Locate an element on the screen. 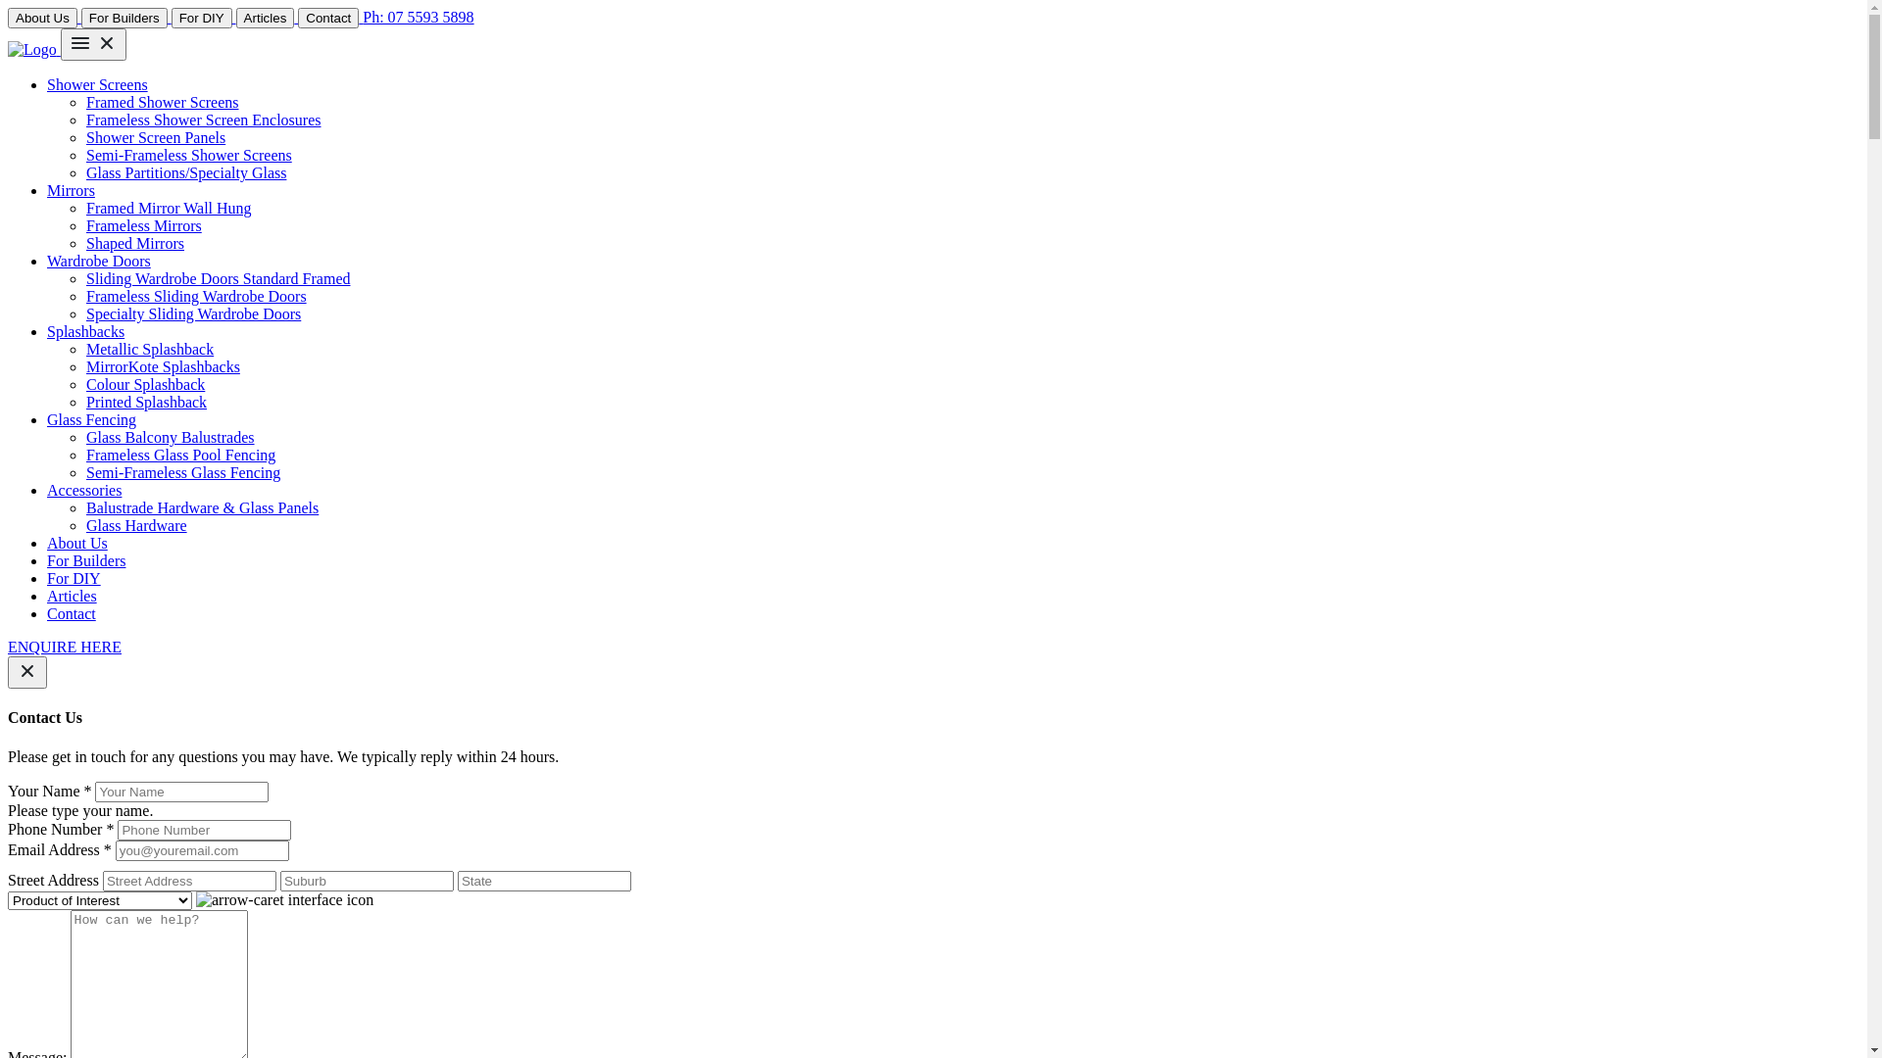 The height and width of the screenshot is (1058, 1882). 'Framed Shower Screens' is located at coordinates (163, 102).